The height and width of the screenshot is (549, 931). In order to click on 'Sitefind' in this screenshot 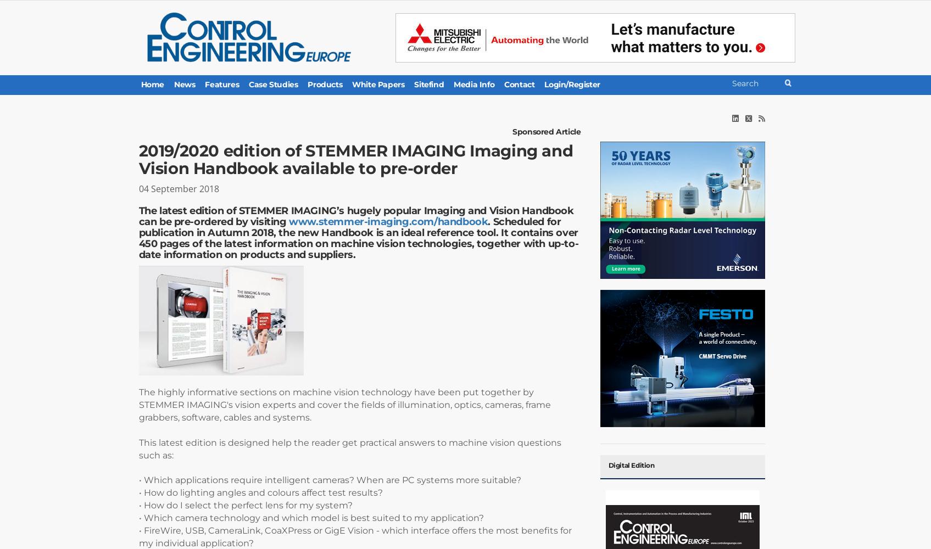, I will do `click(428, 85)`.